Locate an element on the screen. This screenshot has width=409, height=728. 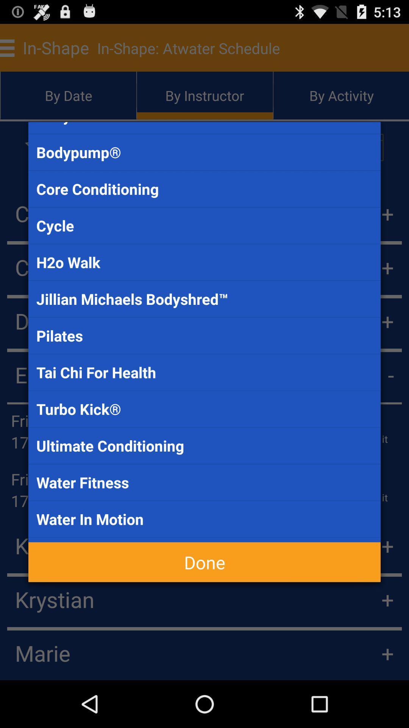
app above the h2o walk icon is located at coordinates (204, 225).